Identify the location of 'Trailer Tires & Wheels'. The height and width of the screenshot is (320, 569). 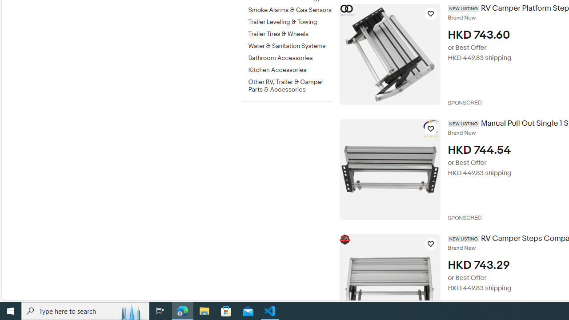
(290, 32).